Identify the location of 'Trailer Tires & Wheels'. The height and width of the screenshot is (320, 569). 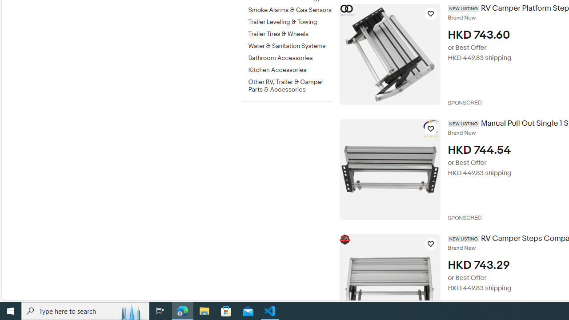
(290, 32).